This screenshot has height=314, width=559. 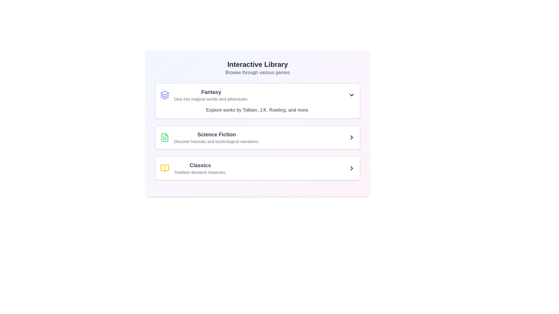 I want to click on the 'Fantasy' category icon located to the left of the text content, so click(x=164, y=95).